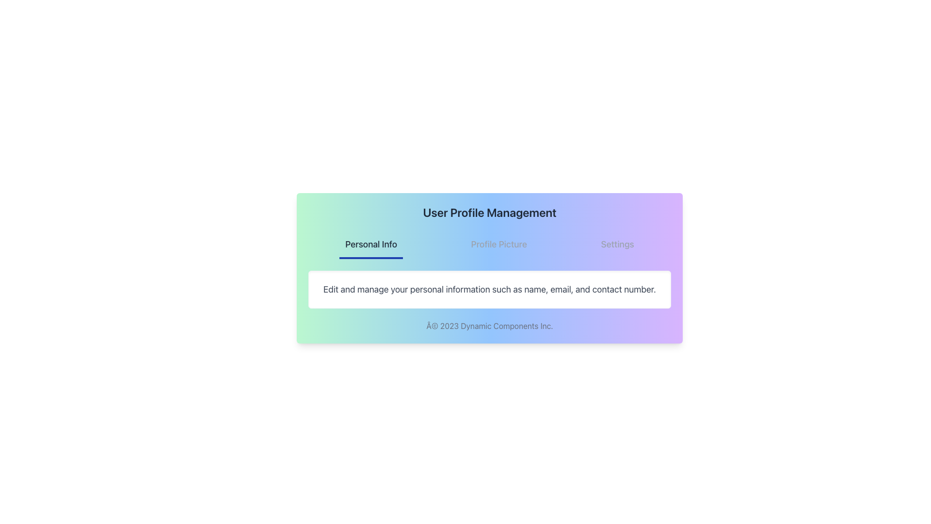 Image resolution: width=931 pixels, height=524 pixels. I want to click on the 'Personal Info' navigation tab button, so click(370, 245).